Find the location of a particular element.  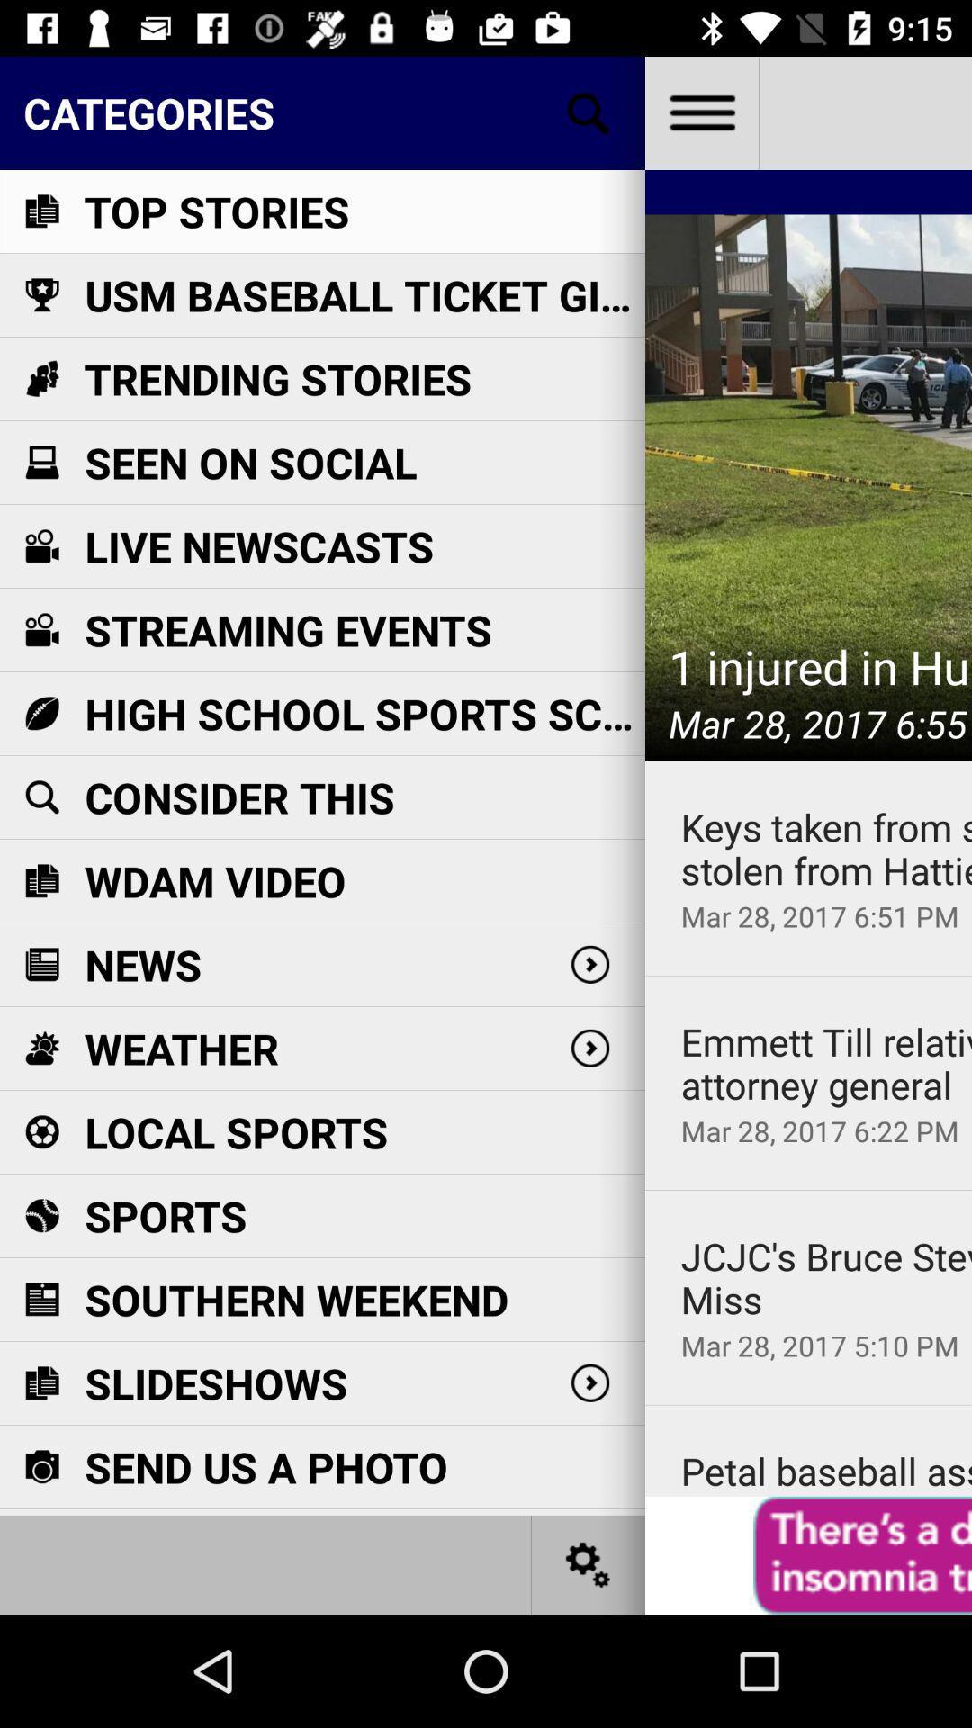

the menu icon is located at coordinates (700, 112).